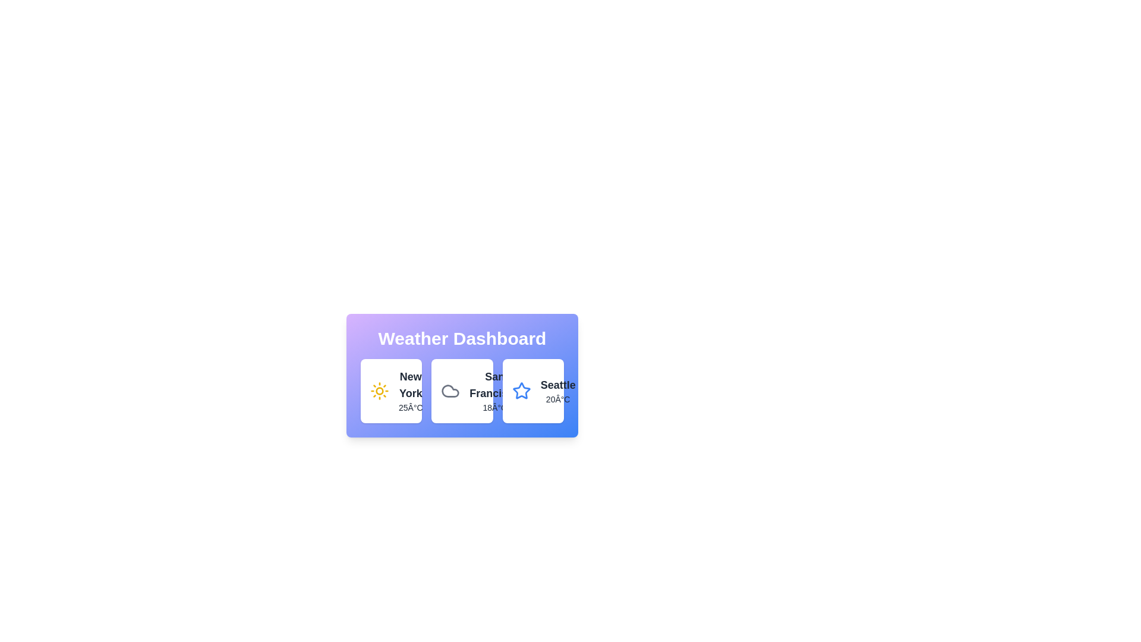  Describe the element at coordinates (521, 391) in the screenshot. I see `the weather status icon for 'Seattle' located` at that location.